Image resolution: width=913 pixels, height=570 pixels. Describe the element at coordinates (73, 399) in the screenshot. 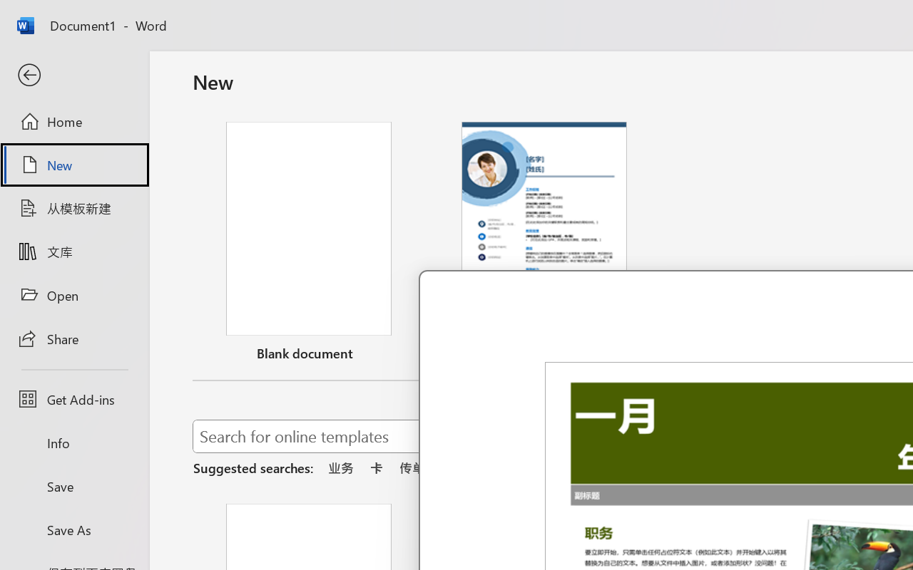

I see `'Get Add-ins'` at that location.